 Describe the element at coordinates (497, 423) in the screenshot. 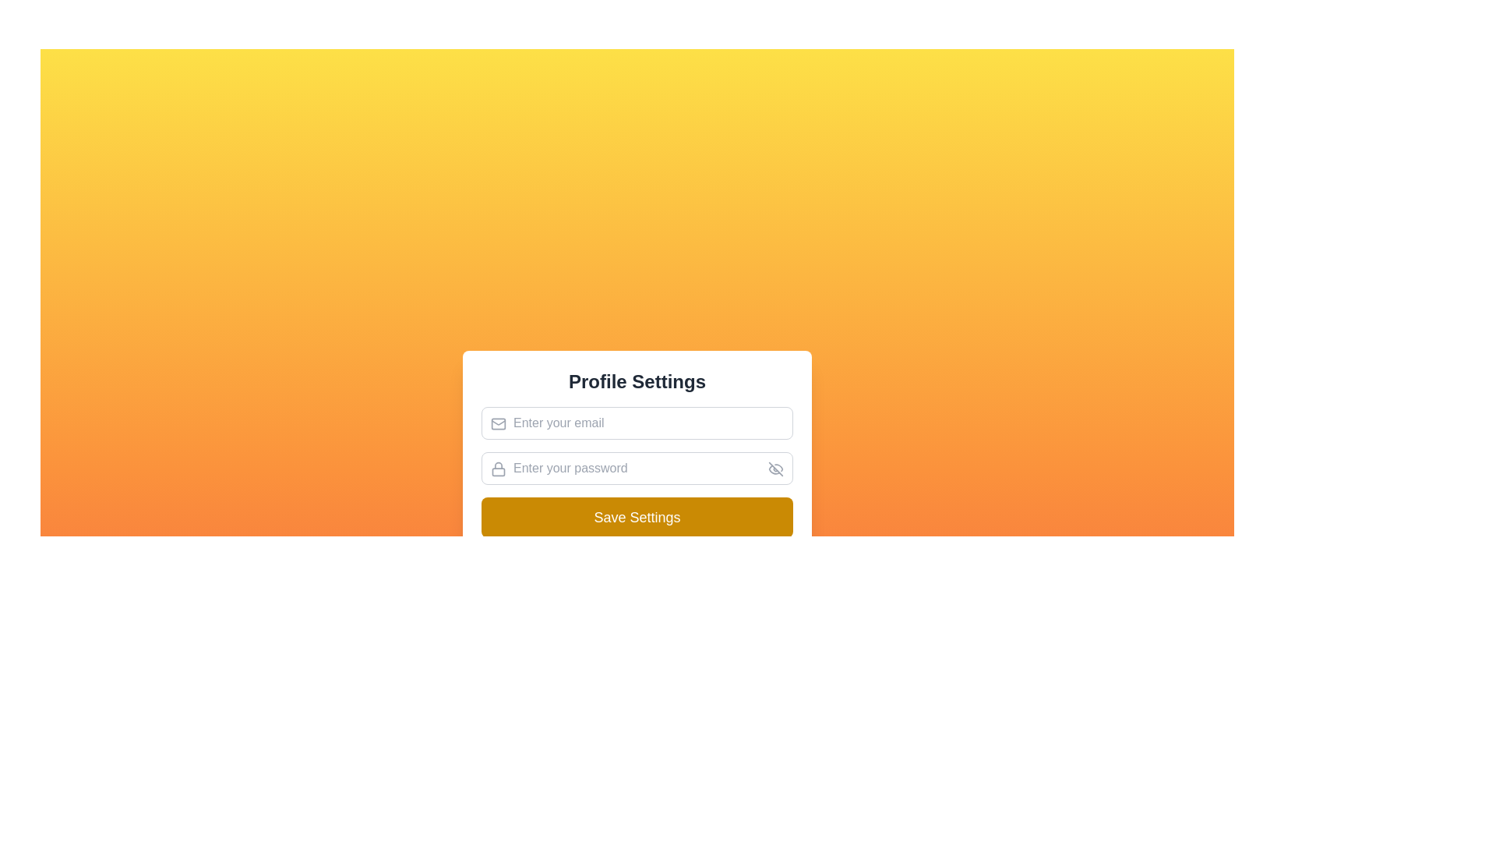

I see `the email icon, which is an outline style rectangular envelope shape with an open flap, located within the 'Enter your email' input field at the top of the settings panel` at that location.